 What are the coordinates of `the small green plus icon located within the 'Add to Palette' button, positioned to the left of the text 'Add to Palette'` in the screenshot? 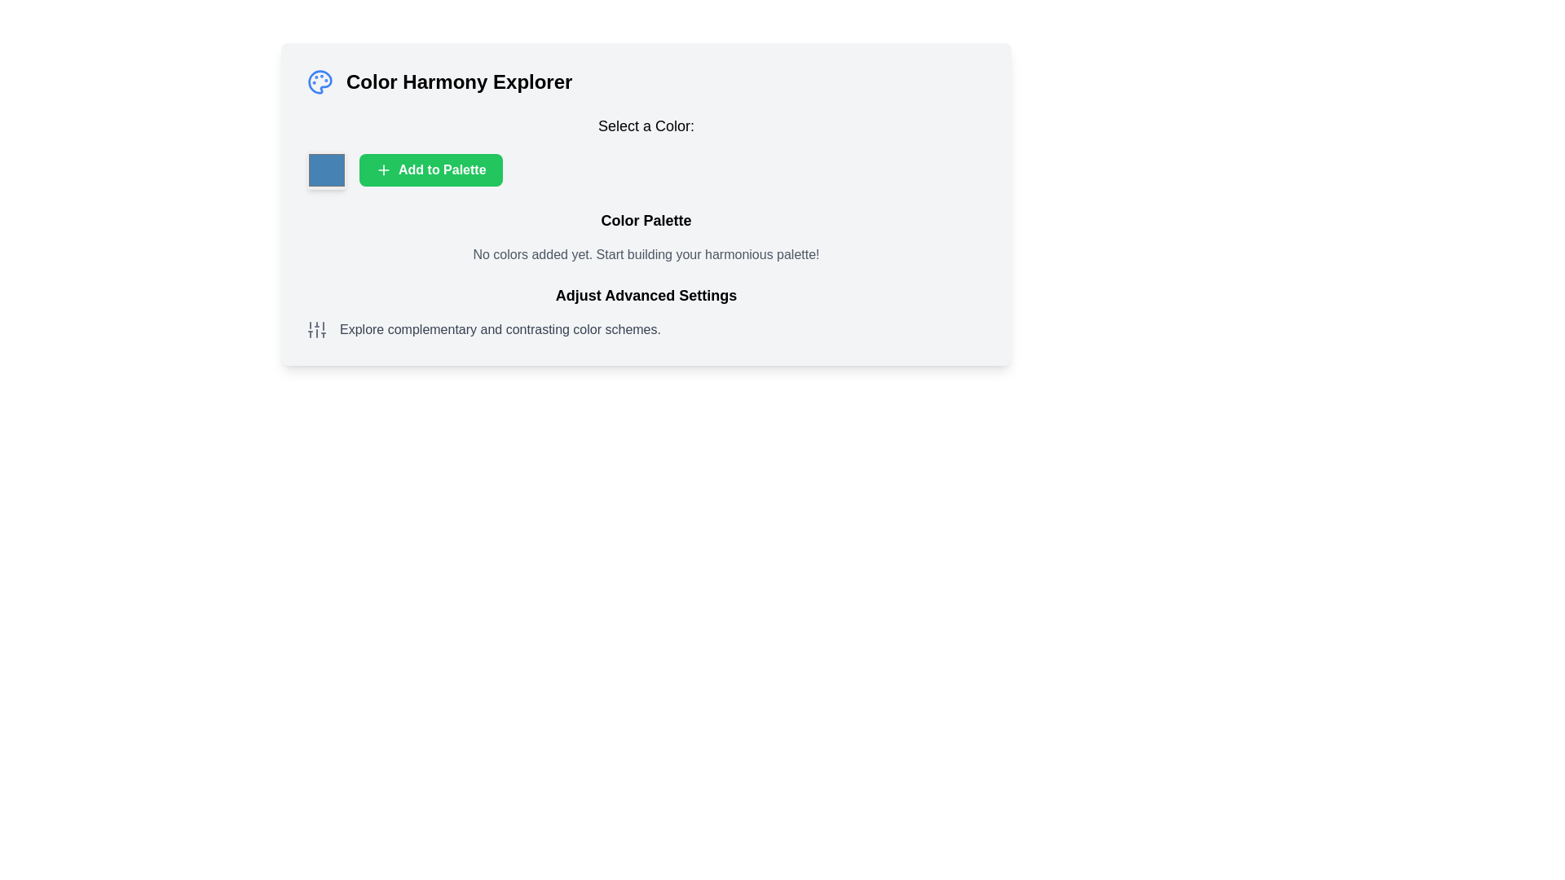 It's located at (382, 169).